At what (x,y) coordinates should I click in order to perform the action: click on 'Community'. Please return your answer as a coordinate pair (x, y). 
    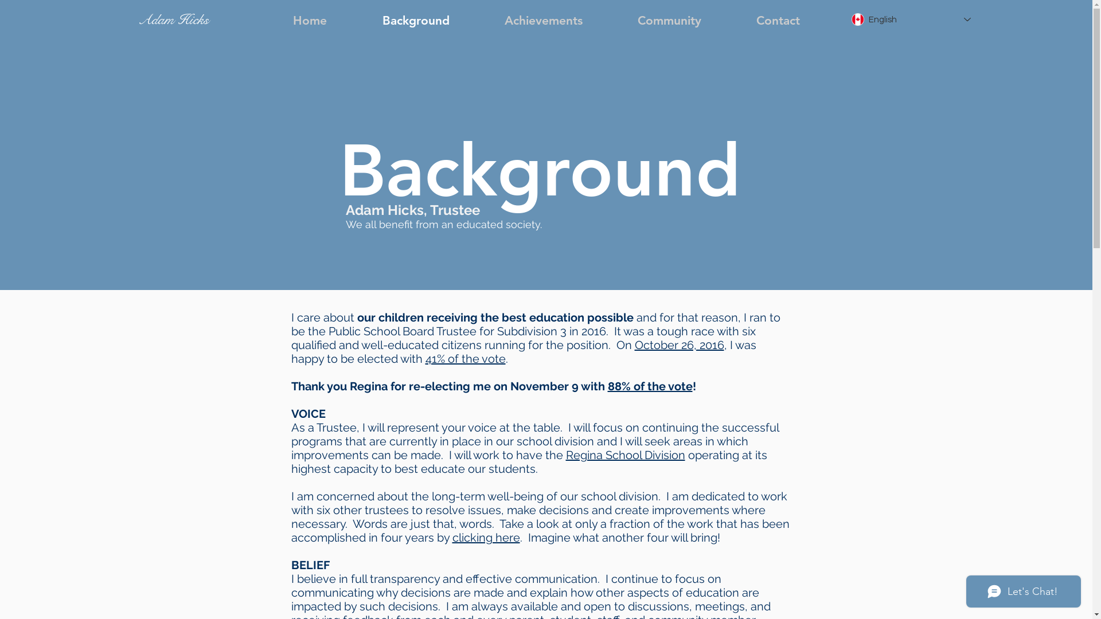
    Looking at the image, I should click on (669, 20).